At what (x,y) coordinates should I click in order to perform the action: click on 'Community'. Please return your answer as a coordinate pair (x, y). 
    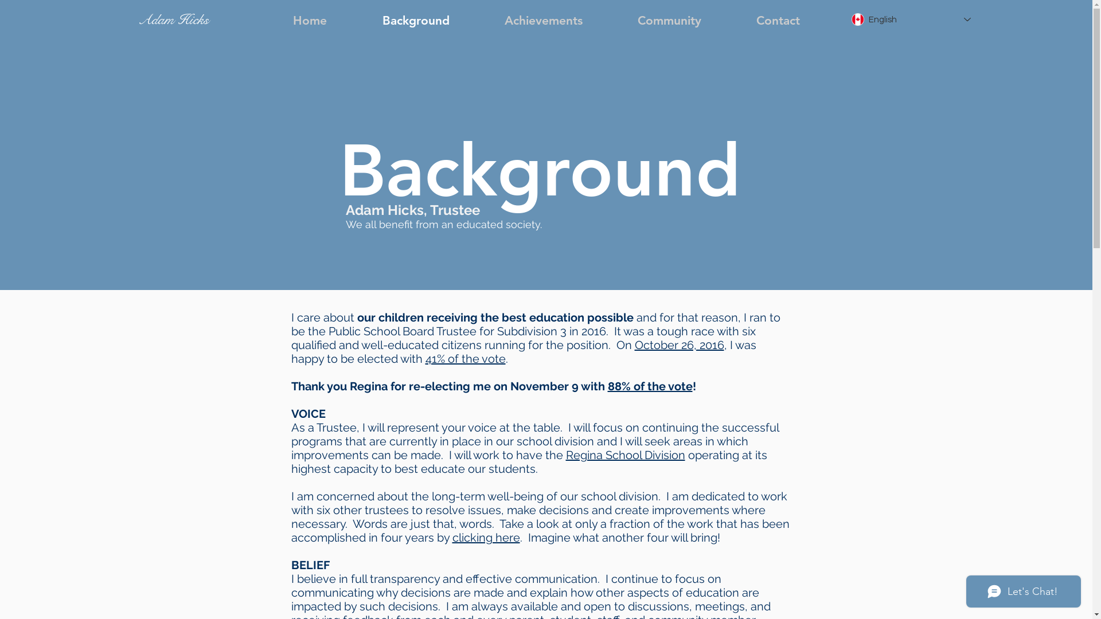
    Looking at the image, I should click on (669, 20).